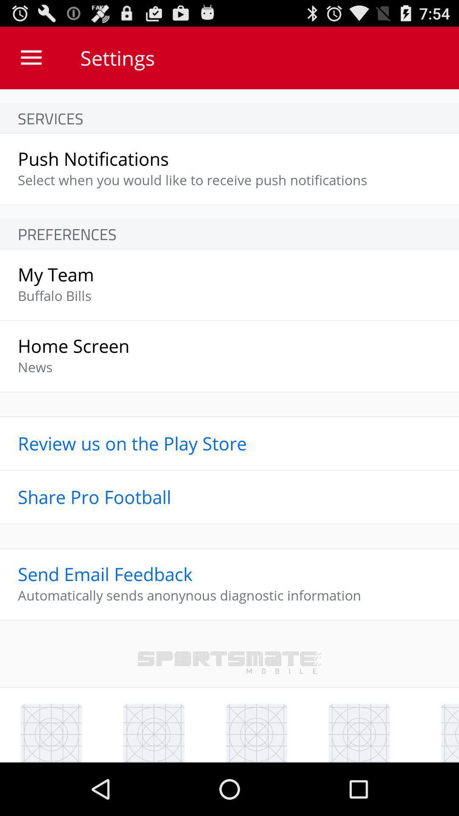 Image resolution: width=459 pixels, height=816 pixels. Describe the element at coordinates (31, 57) in the screenshot. I see `the icon above services` at that location.